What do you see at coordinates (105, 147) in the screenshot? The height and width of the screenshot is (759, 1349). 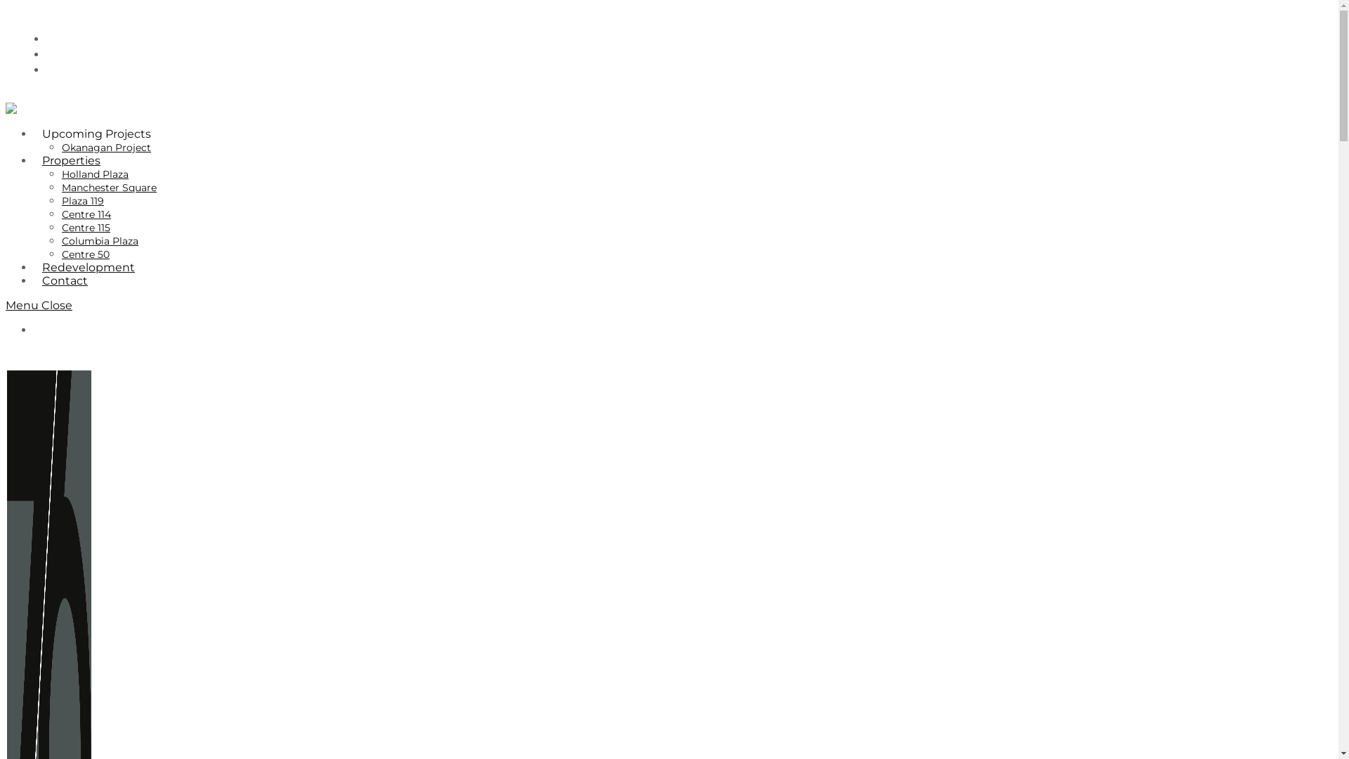 I see `'Okanagan Project'` at bounding box center [105, 147].